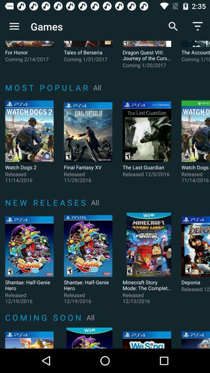 Image resolution: width=210 pixels, height=373 pixels. Describe the element at coordinates (47, 202) in the screenshot. I see `n e w` at that location.